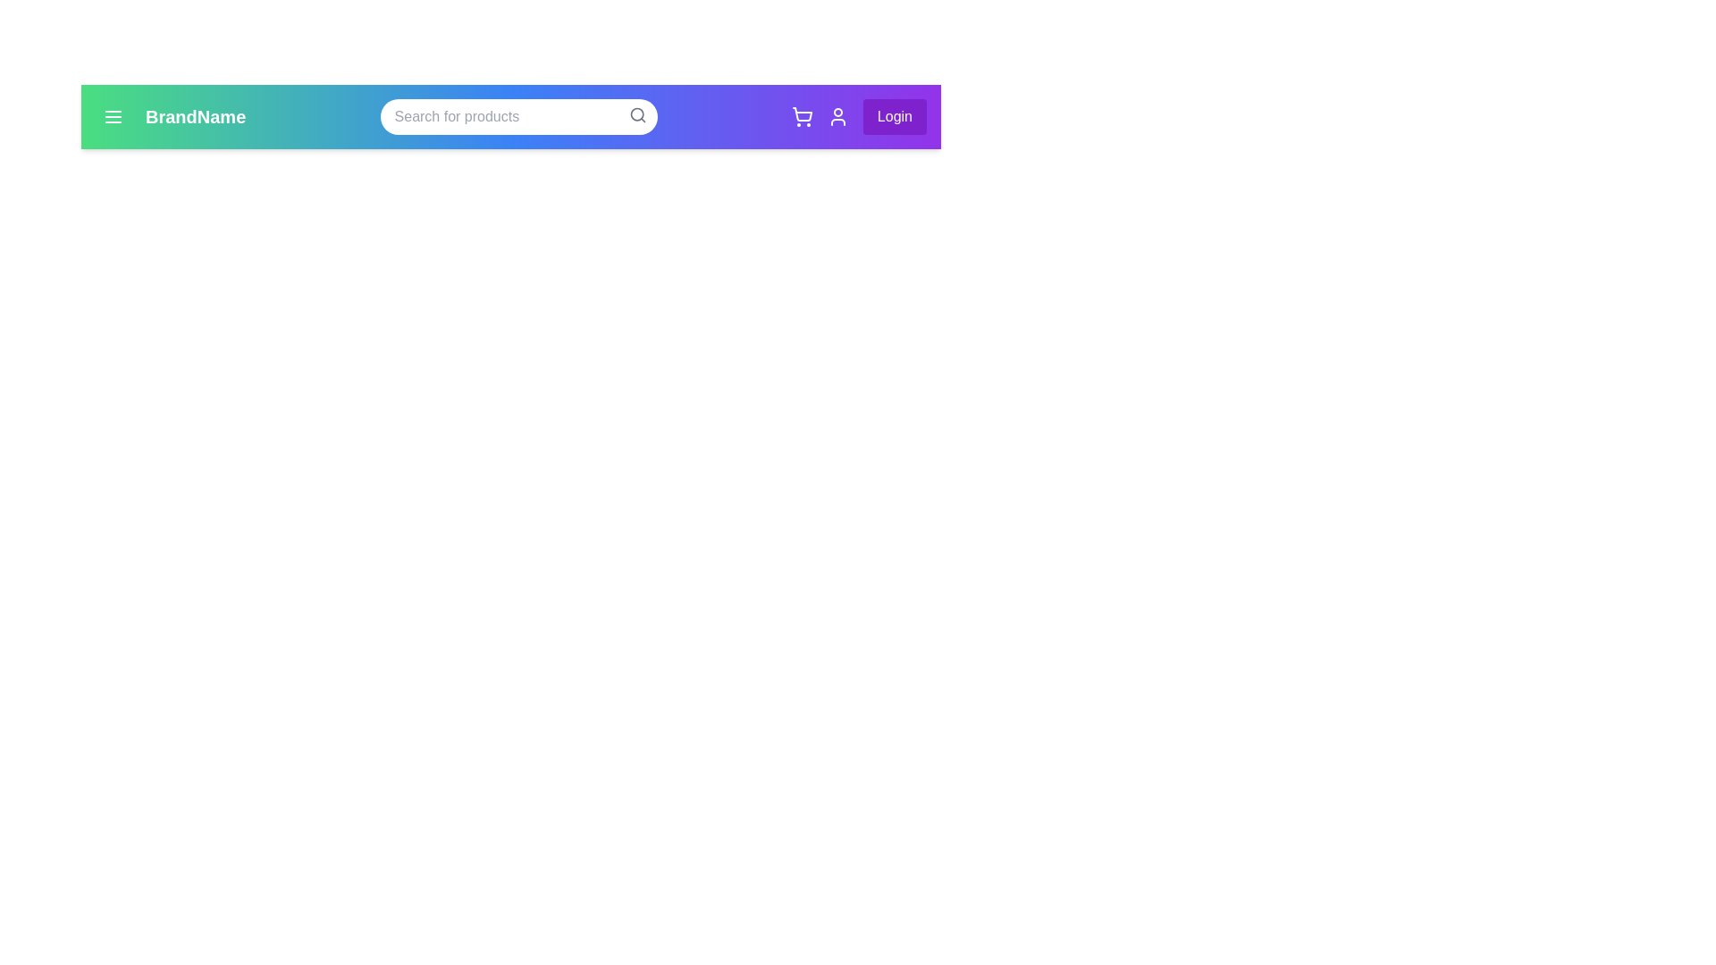  I want to click on the menu button to open the menu, so click(112, 117).